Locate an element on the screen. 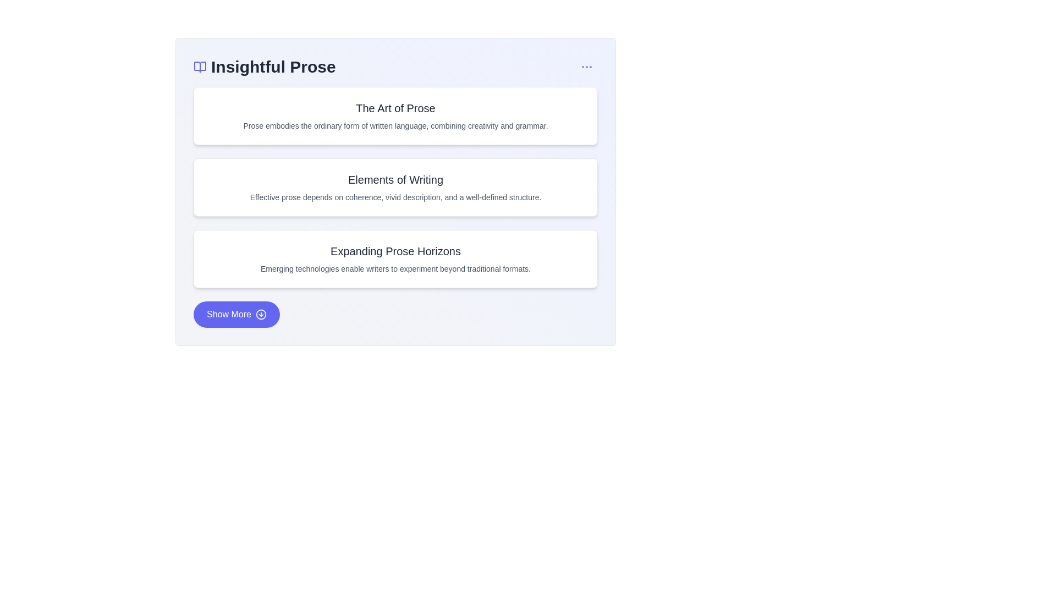 This screenshot has width=1056, height=594. the informational card that summarizes a topic, positioned as the third card in a vertical stack, located between 'Elements of Writing' and the 'Show More' button, to trigger additional visual effects is located at coordinates (395, 258).